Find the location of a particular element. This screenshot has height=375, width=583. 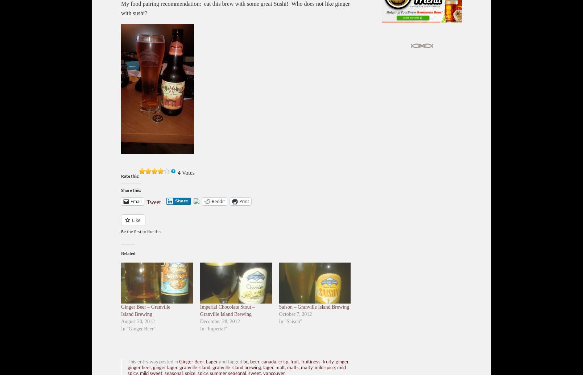

'ginger lager' is located at coordinates (165, 366).